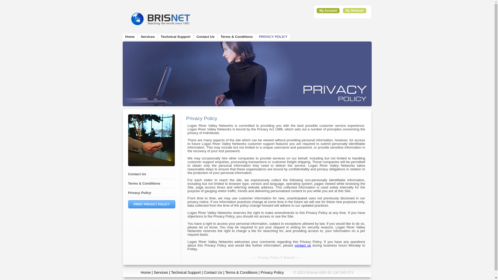  Describe the element at coordinates (213, 272) in the screenshot. I see `'Contact Us'` at that location.